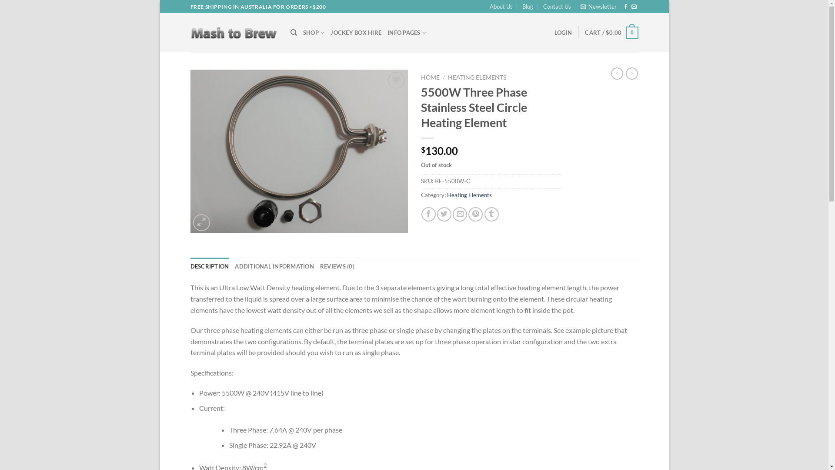  What do you see at coordinates (160, 0) in the screenshot?
I see `'Skip to content'` at bounding box center [160, 0].